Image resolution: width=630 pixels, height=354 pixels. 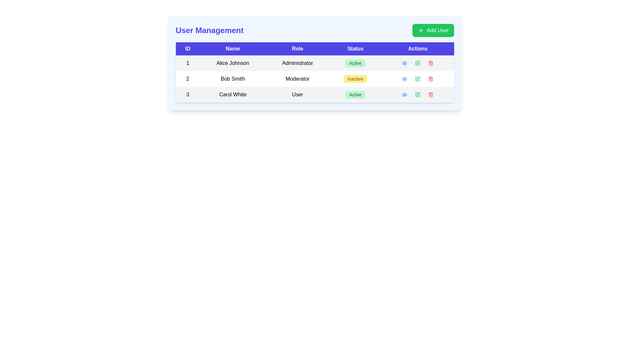 What do you see at coordinates (297, 78) in the screenshot?
I see `the Text label indicating the role assigned to the user 'Bob Smith' in the data table, located in the third column of the second row under the 'Role' header` at bounding box center [297, 78].